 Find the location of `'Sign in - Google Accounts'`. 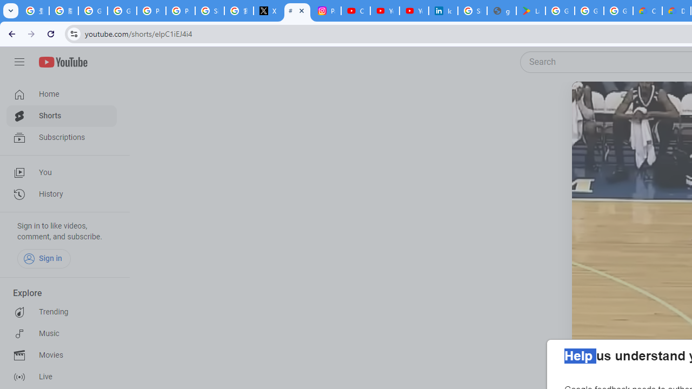

'Sign in - Google Accounts' is located at coordinates (209, 11).